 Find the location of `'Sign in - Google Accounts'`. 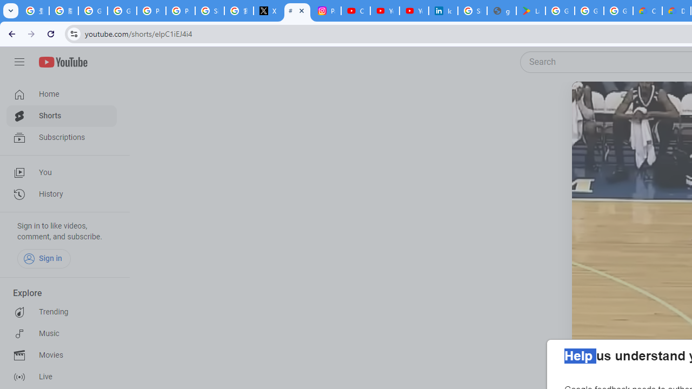

'Sign in - Google Accounts' is located at coordinates (209, 11).